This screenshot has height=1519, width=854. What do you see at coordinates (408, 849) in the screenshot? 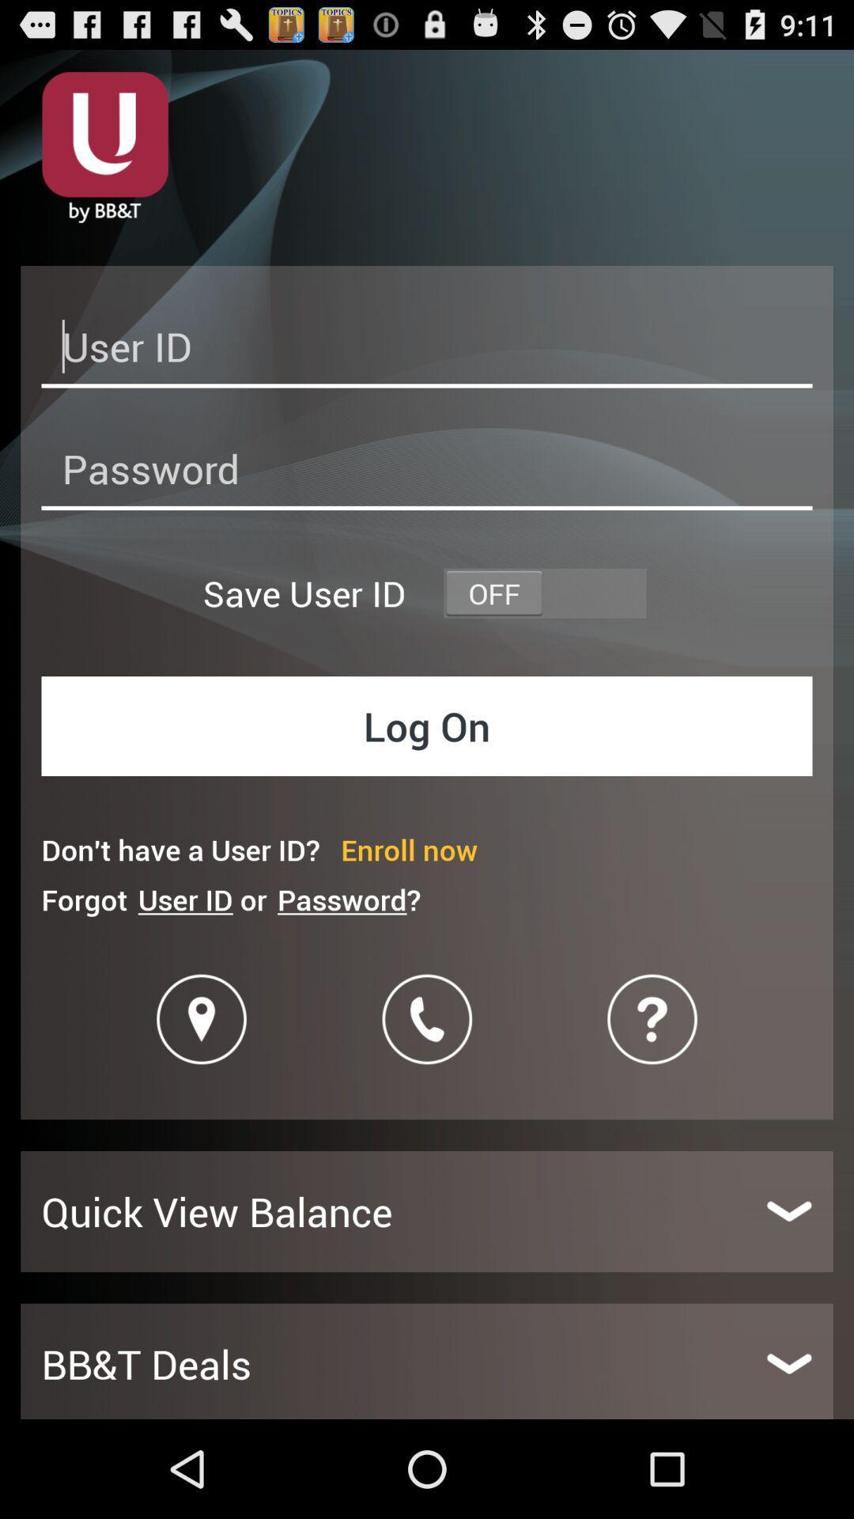
I see `the item next to the don t have icon` at bounding box center [408, 849].